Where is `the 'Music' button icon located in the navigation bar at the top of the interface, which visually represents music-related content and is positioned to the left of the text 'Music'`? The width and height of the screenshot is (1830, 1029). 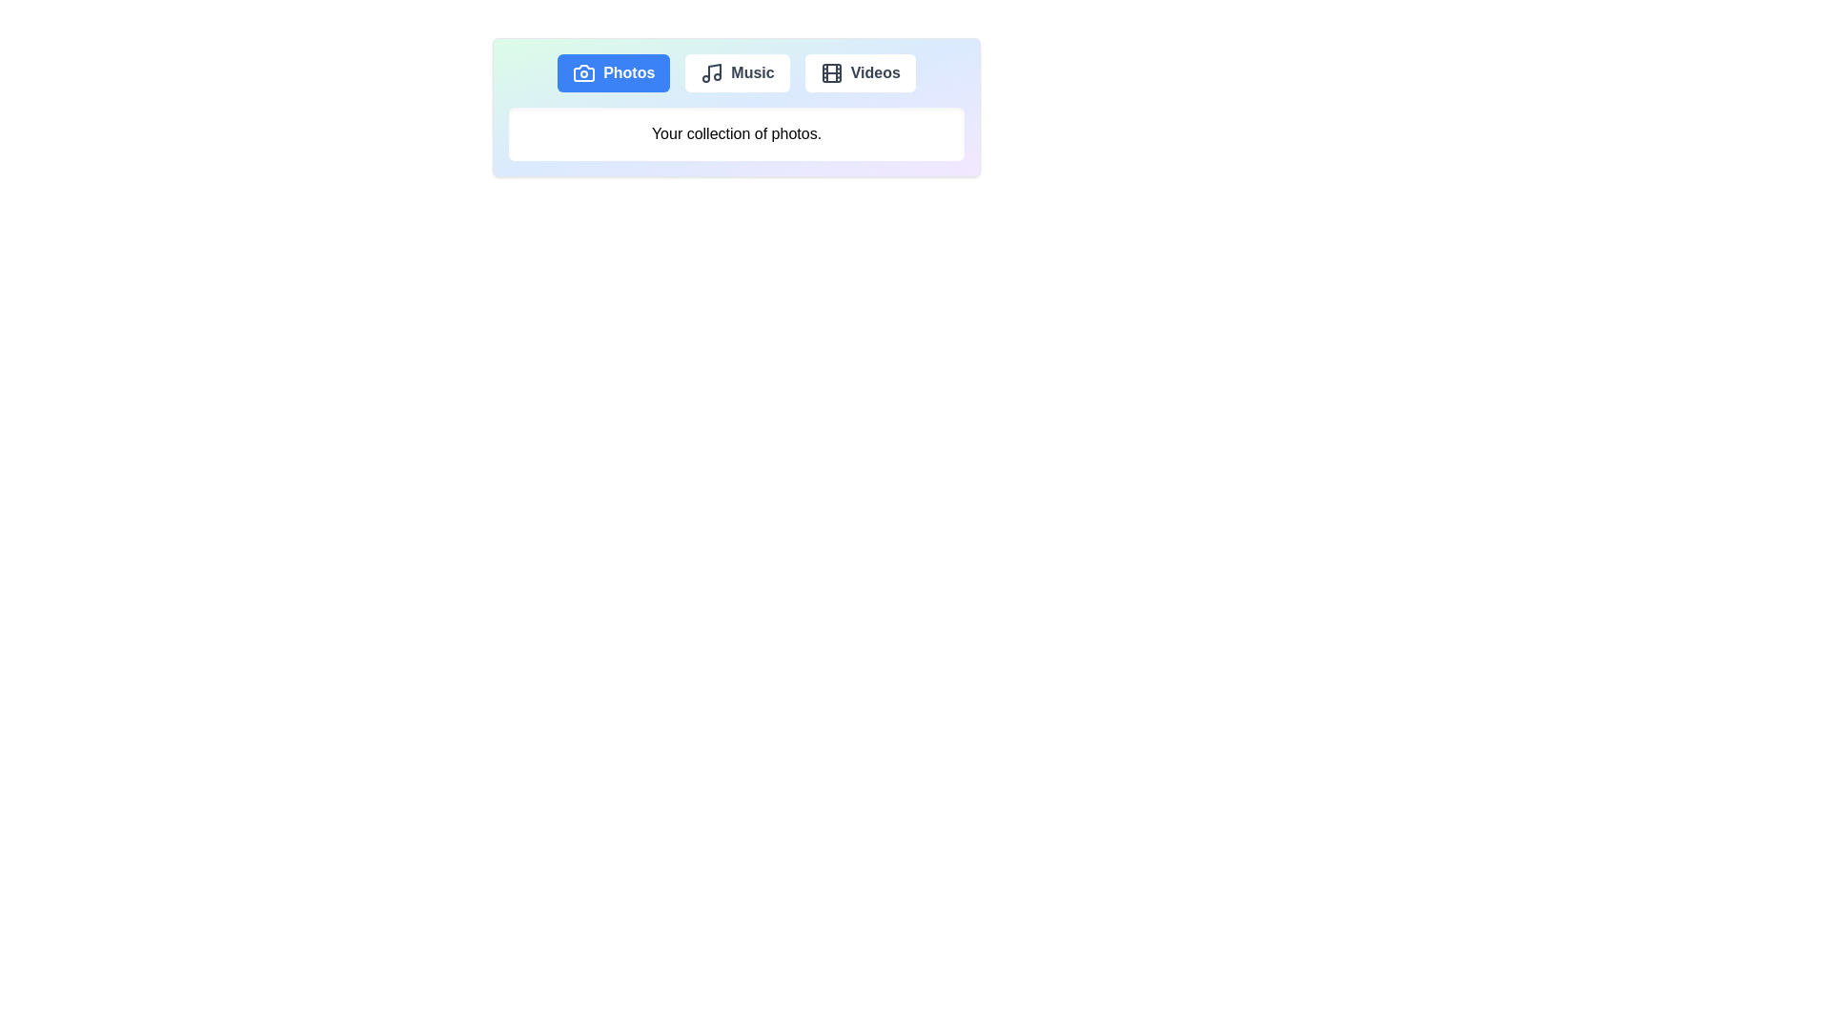
the 'Music' button icon located in the navigation bar at the top of the interface, which visually represents music-related content and is positioned to the left of the text 'Music' is located at coordinates (711, 72).